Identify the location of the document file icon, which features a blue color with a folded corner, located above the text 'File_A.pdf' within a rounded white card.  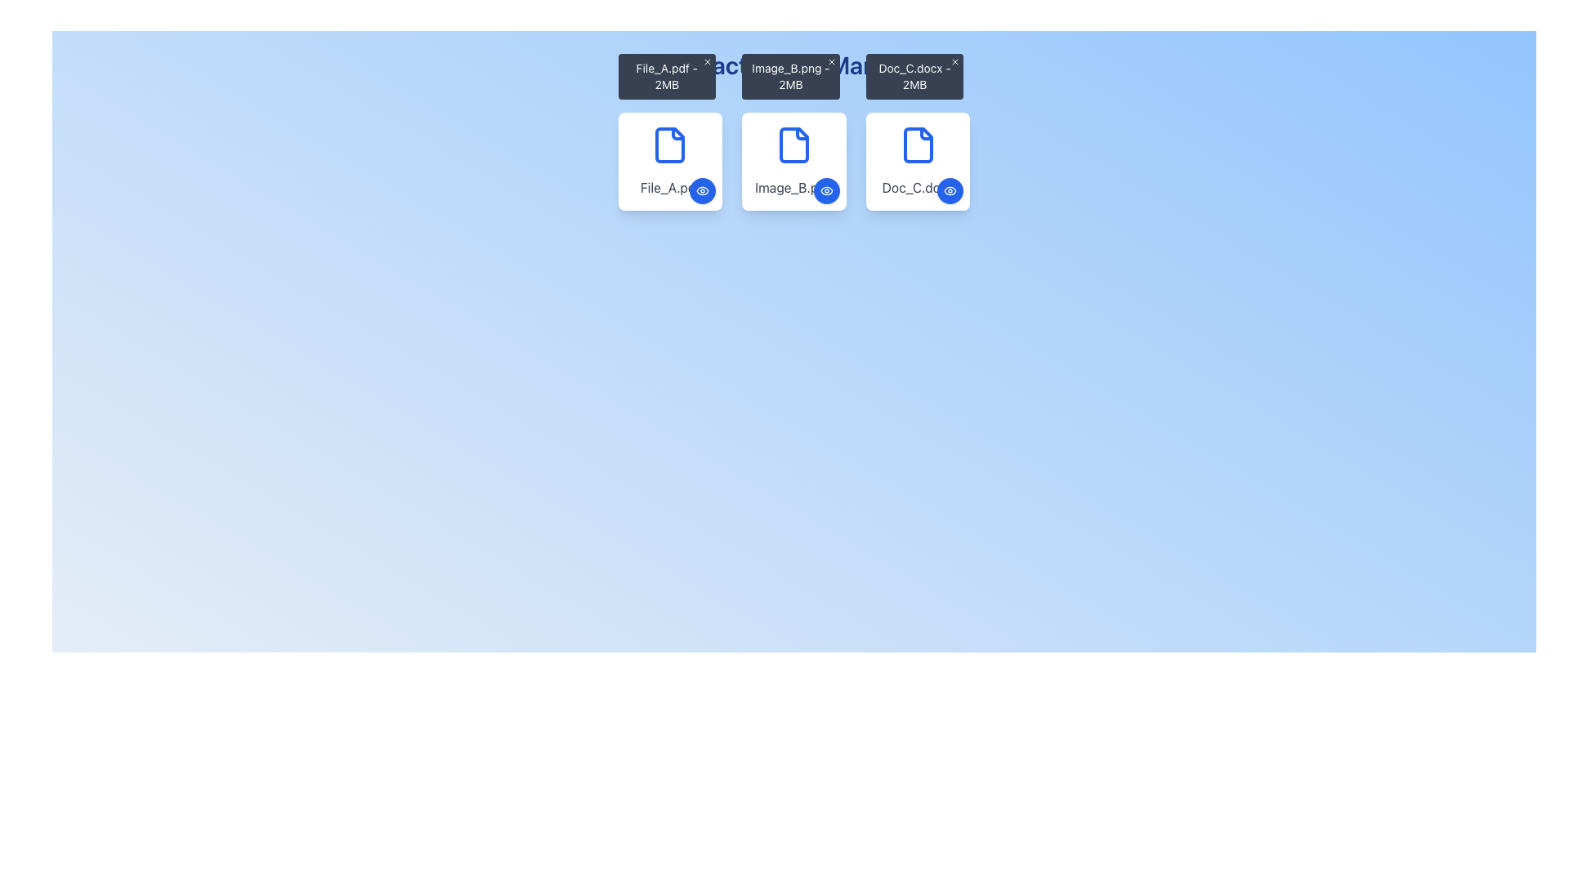
(670, 144).